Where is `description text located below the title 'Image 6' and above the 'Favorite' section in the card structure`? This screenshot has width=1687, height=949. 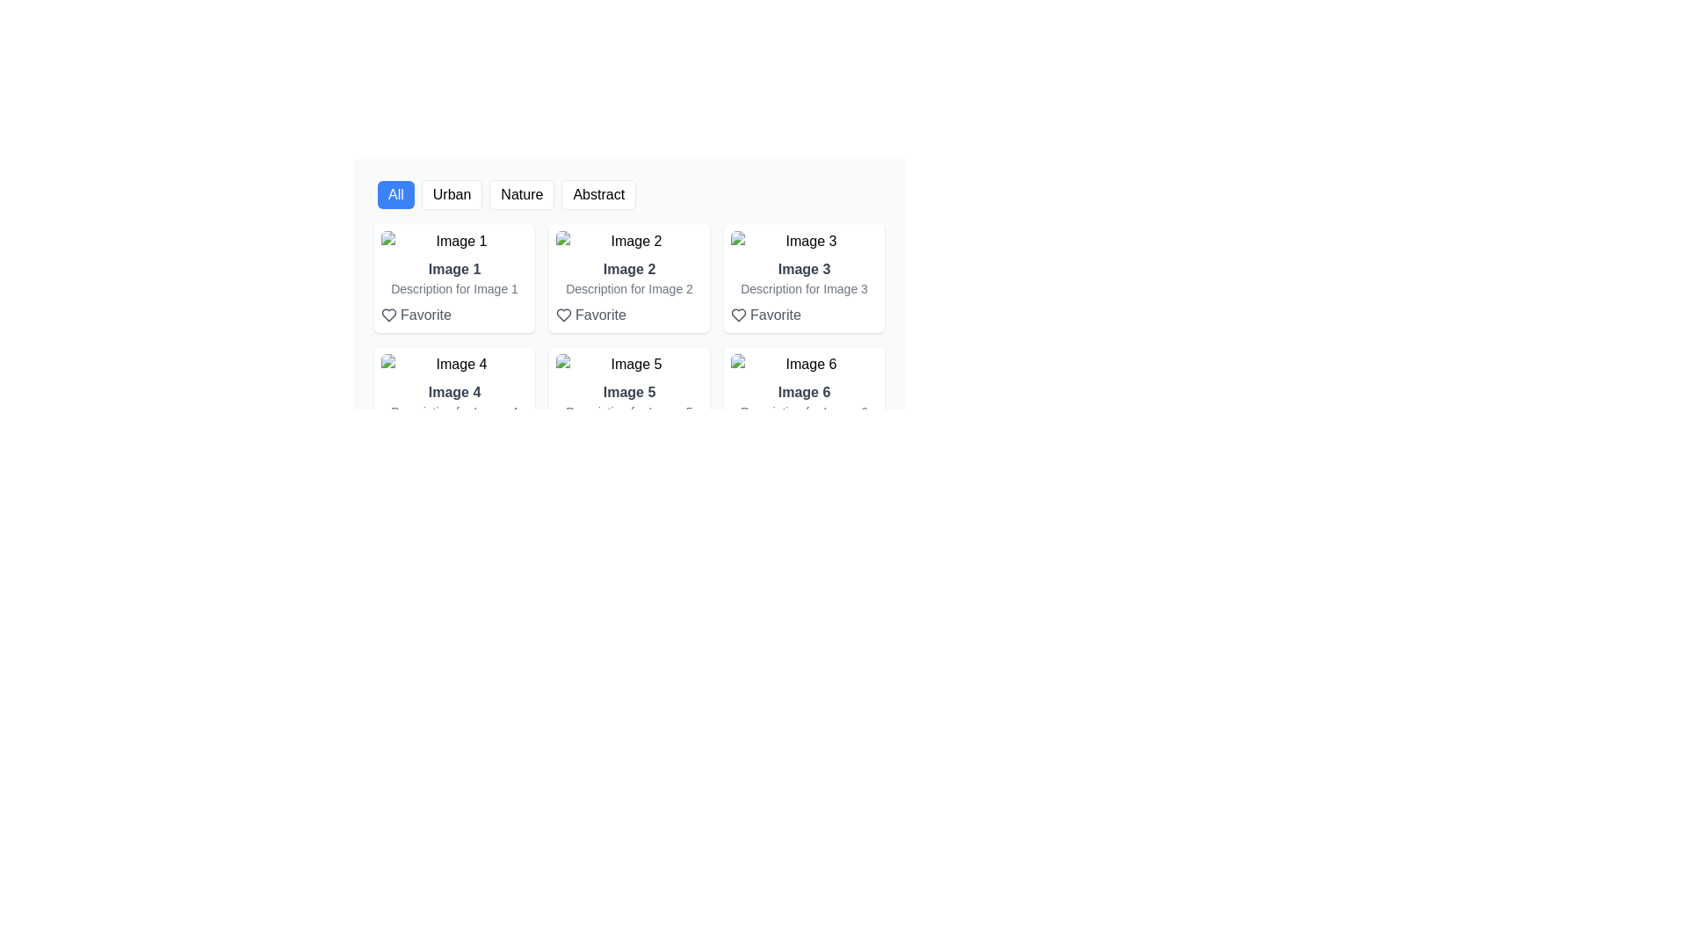
description text located below the title 'Image 6' and above the 'Favorite' section in the card structure is located at coordinates (803, 412).